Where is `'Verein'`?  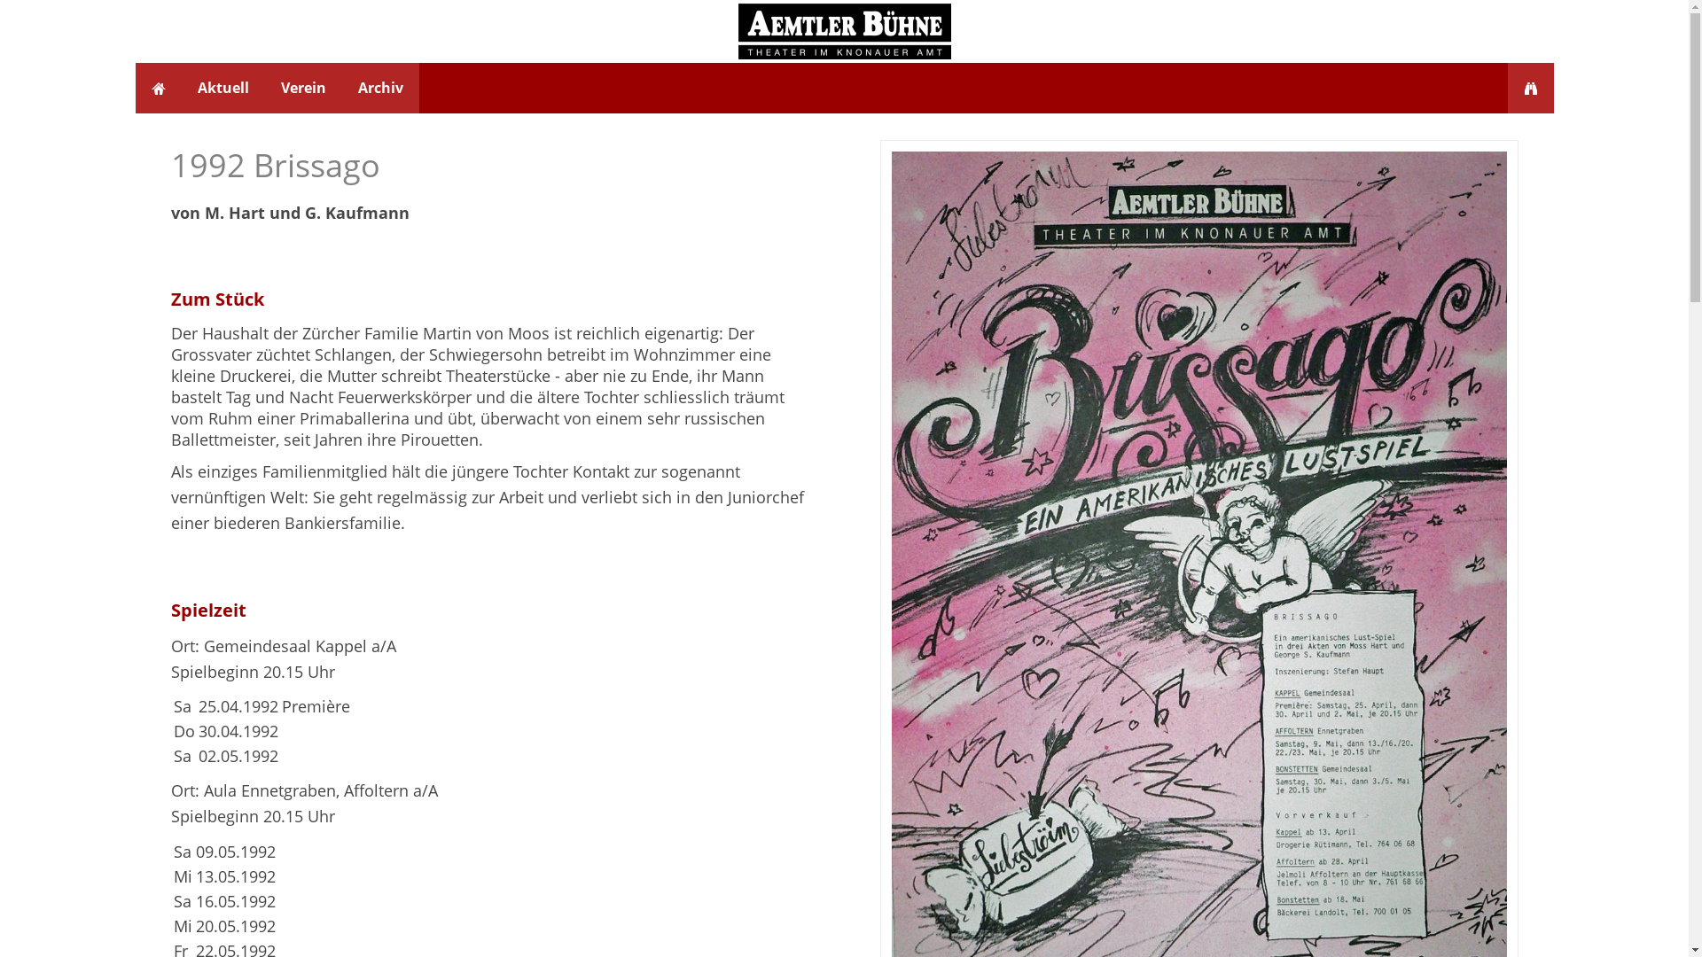
'Verein' is located at coordinates (302, 88).